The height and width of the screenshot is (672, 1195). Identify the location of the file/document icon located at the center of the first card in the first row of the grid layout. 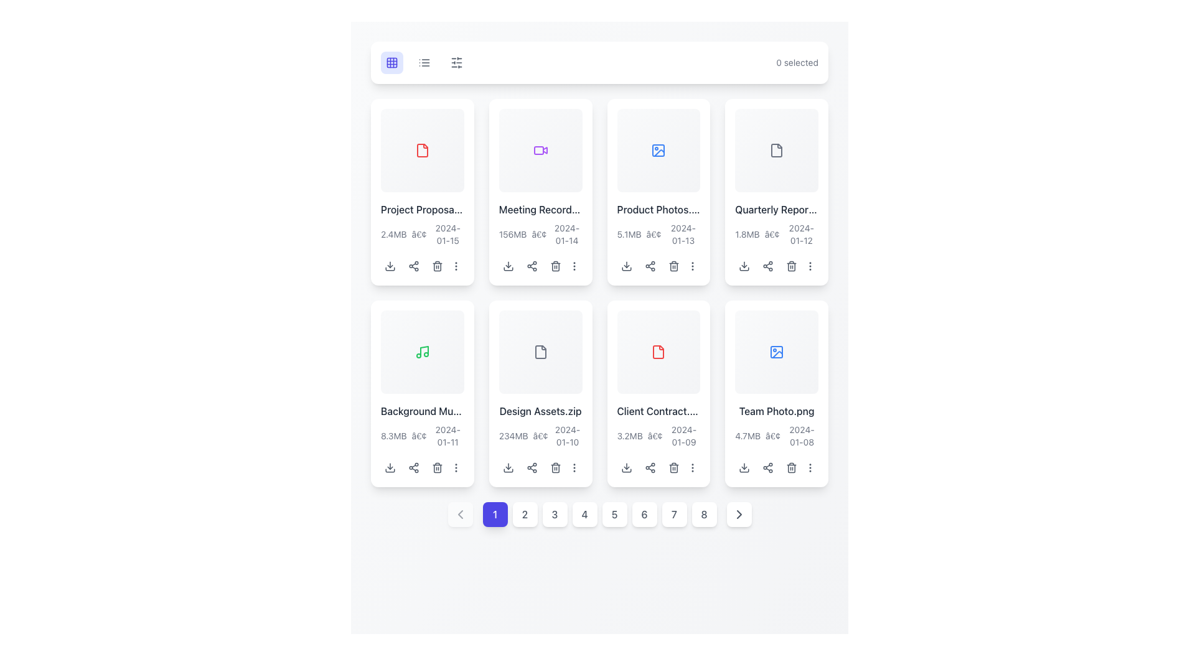
(422, 149).